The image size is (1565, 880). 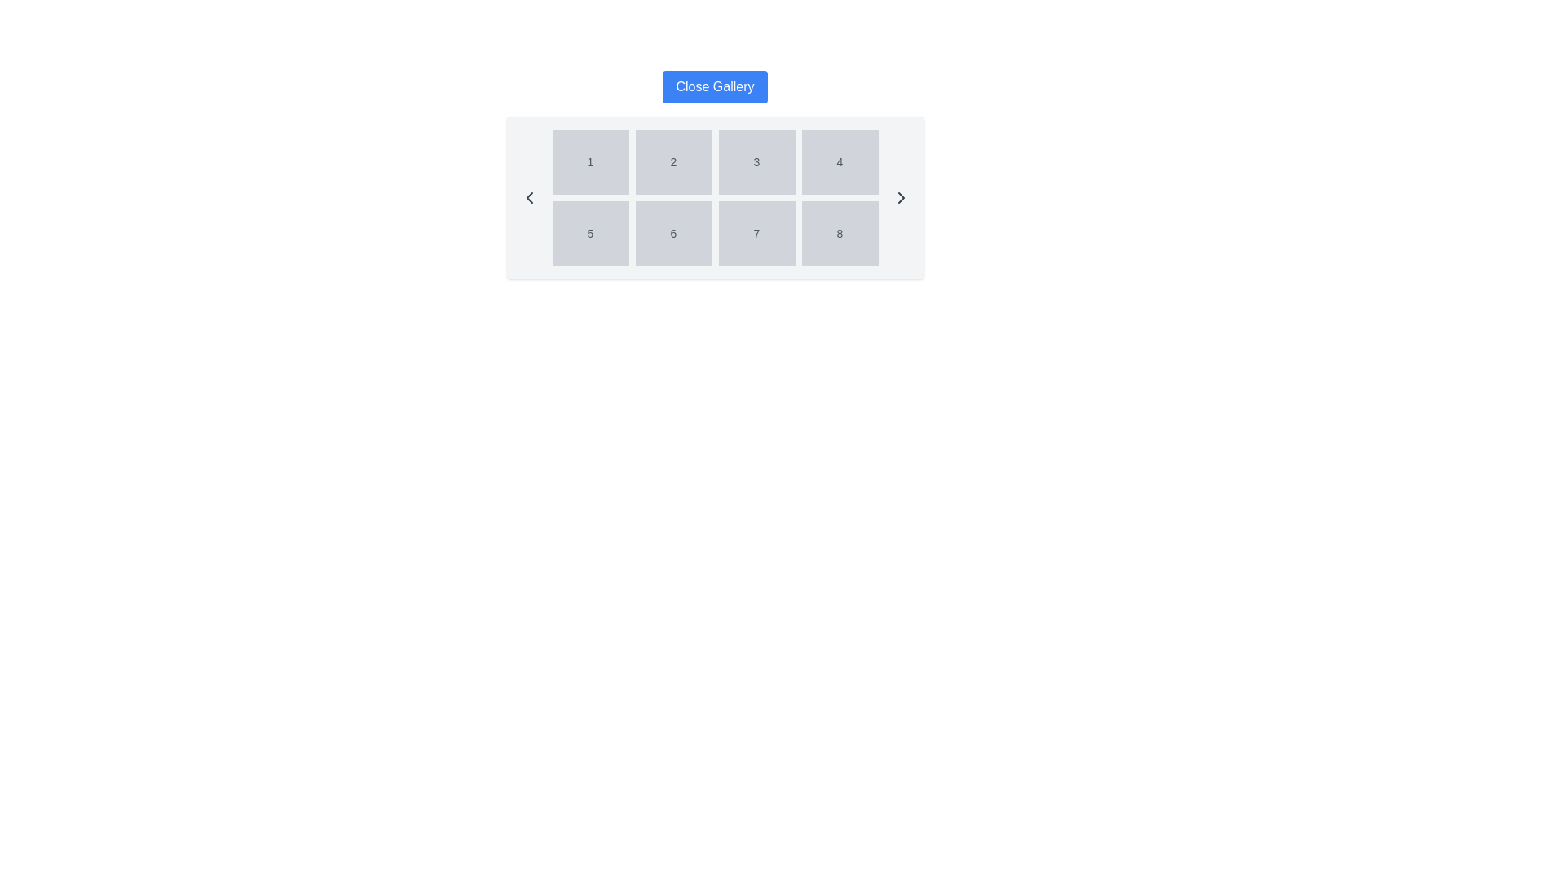 I want to click on the static text label displaying '7', which is the seventh item in a 4x2 grid layout, located in the second row and third column, so click(x=756, y=233).